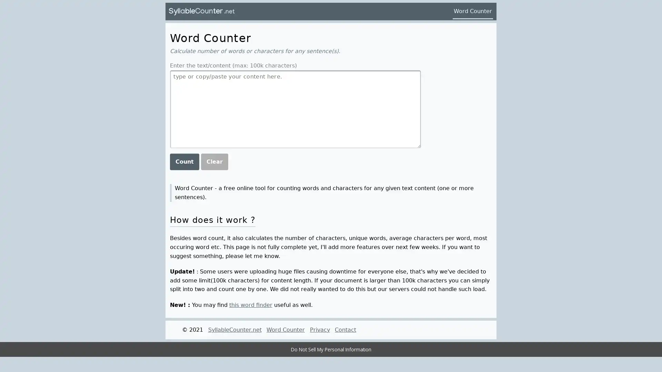 The height and width of the screenshot is (372, 662). What do you see at coordinates (184, 162) in the screenshot?
I see `Count` at bounding box center [184, 162].